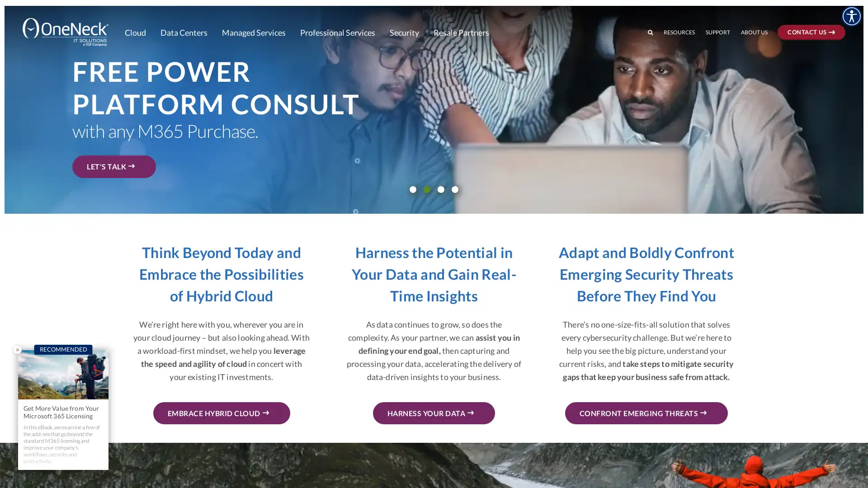  Describe the element at coordinates (163, 163) in the screenshot. I see `LEARN MORE ABOUT MICROSOFT 365` at that location.